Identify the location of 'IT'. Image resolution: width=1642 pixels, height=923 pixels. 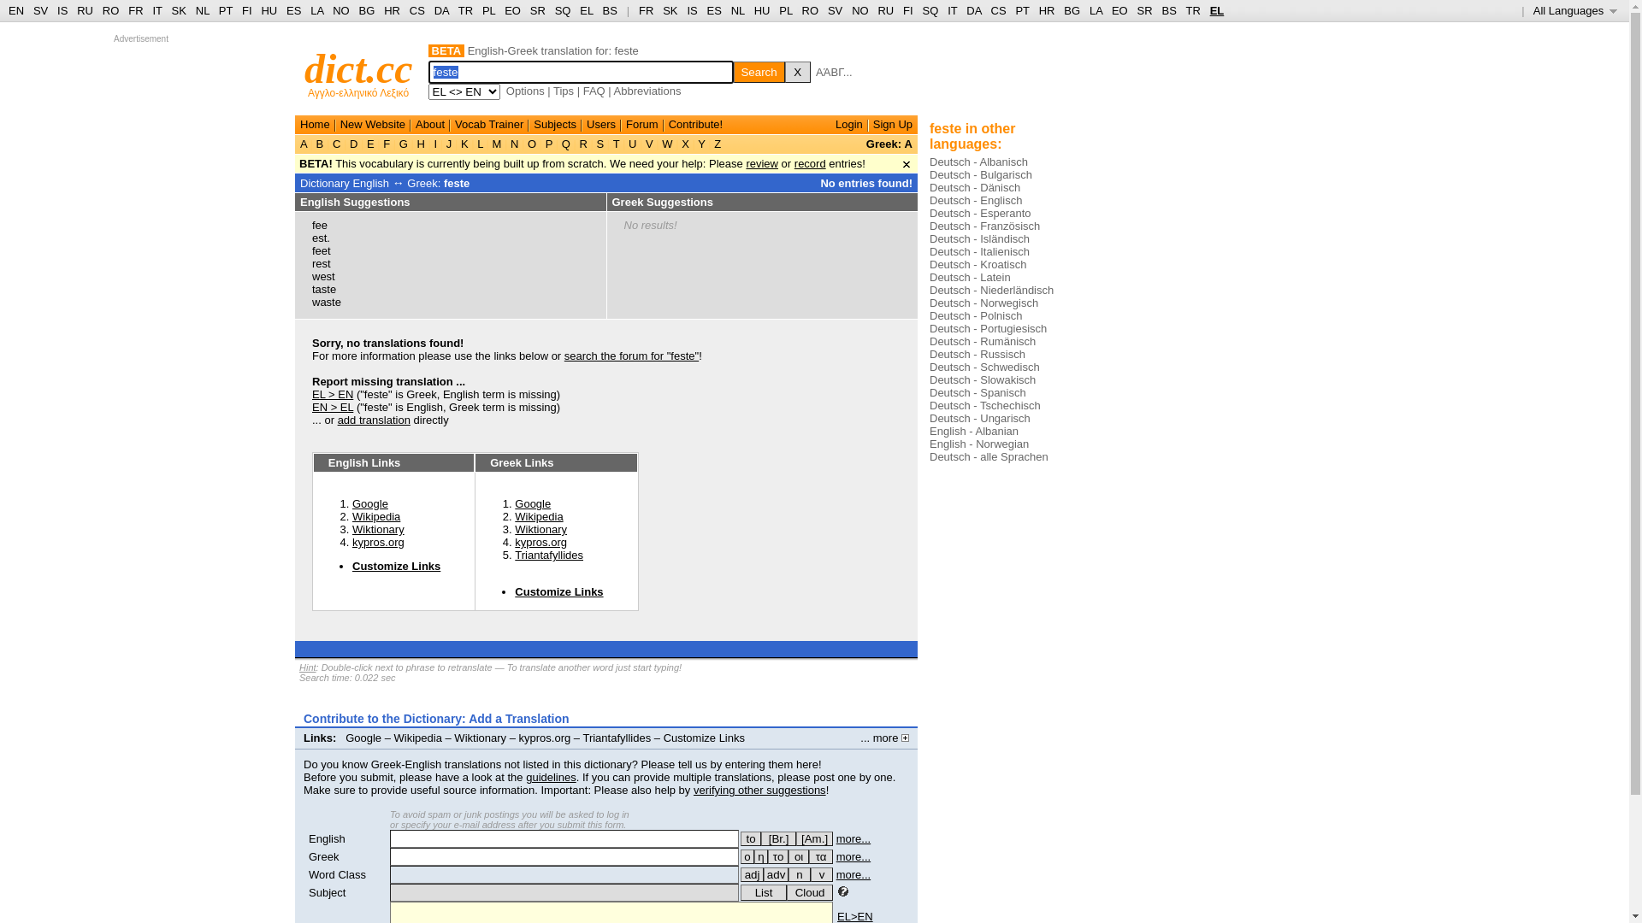
(951, 10).